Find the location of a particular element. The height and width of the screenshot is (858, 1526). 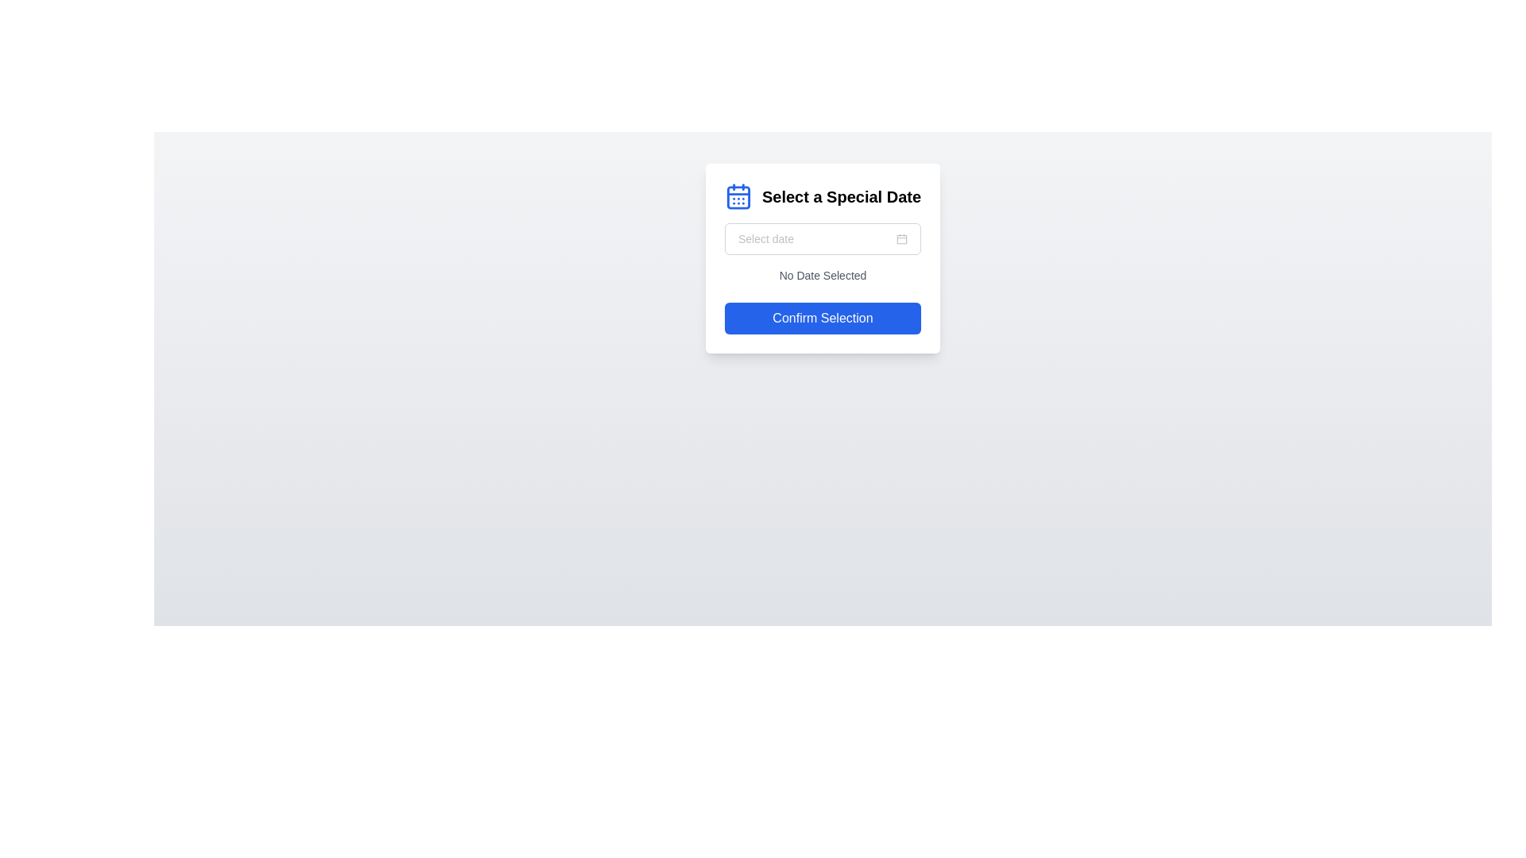

the confirm button located at the bottom of the card with the header 'Select a Special Date' is located at coordinates (823, 319).